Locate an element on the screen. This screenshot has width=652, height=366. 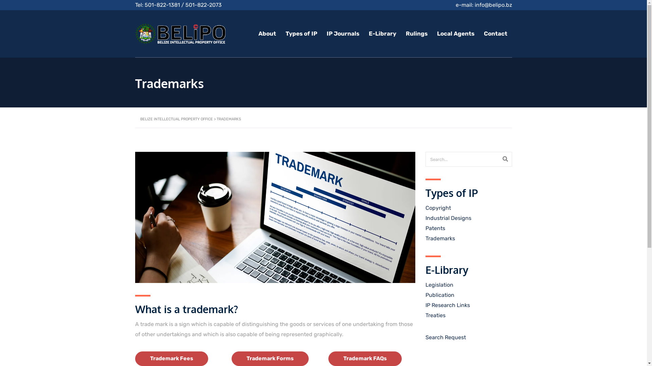
'IP Research Links' is located at coordinates (447, 305).